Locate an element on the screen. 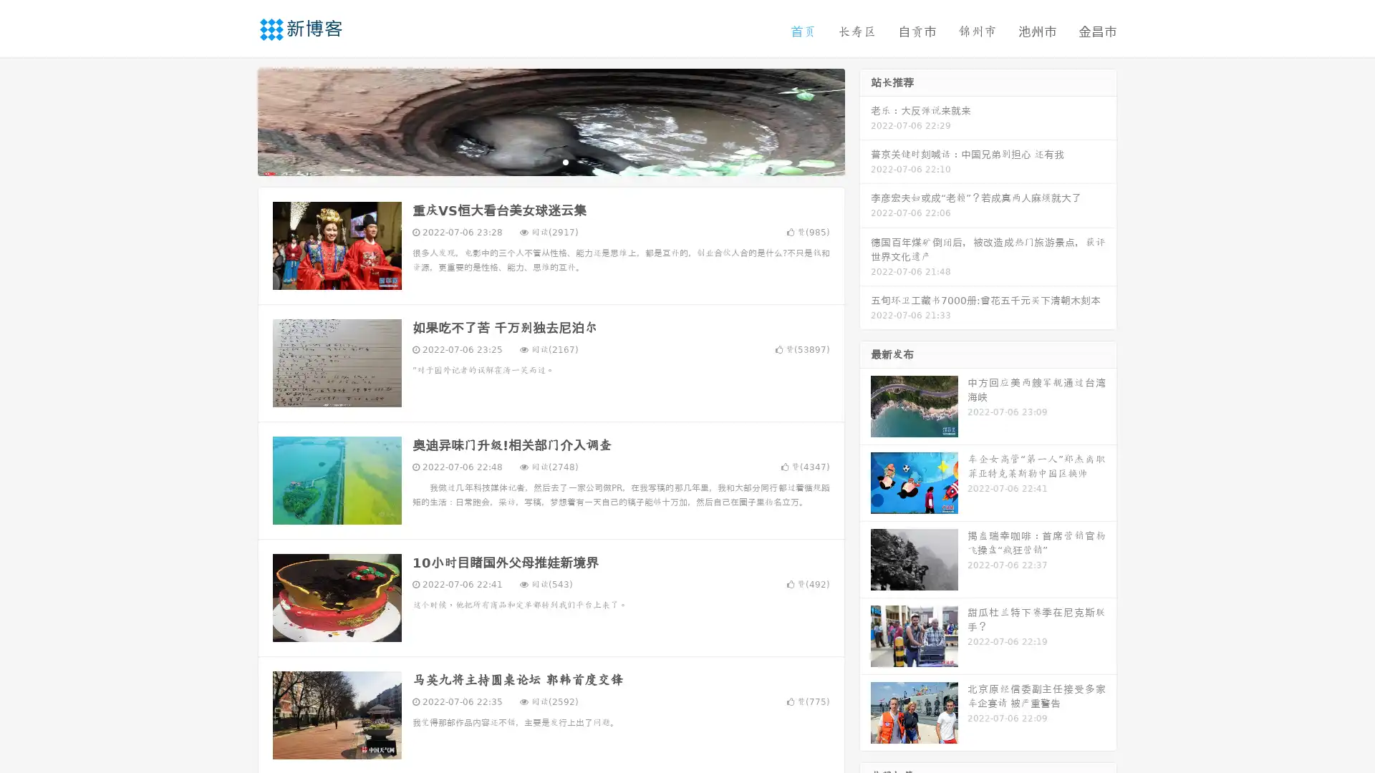  Go to slide 3 is located at coordinates (565, 161).